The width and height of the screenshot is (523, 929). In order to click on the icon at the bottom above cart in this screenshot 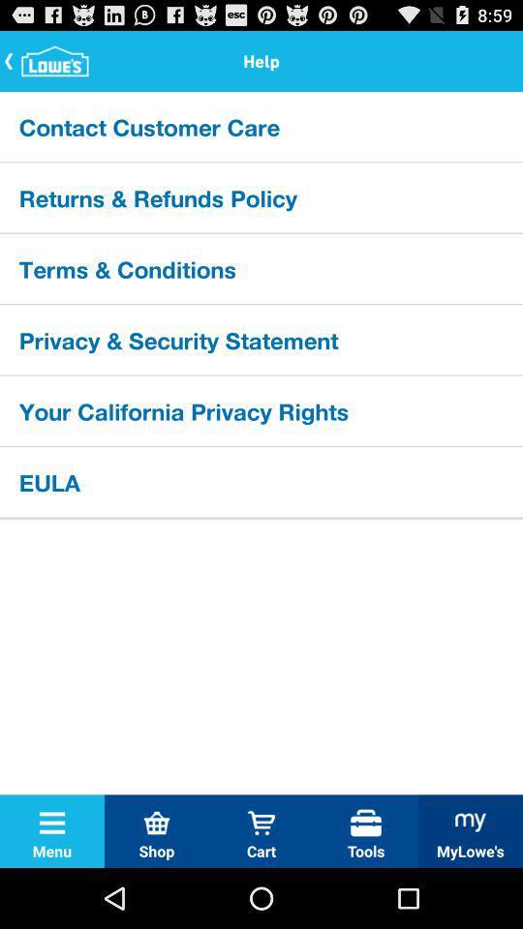, I will do `click(261, 822)`.